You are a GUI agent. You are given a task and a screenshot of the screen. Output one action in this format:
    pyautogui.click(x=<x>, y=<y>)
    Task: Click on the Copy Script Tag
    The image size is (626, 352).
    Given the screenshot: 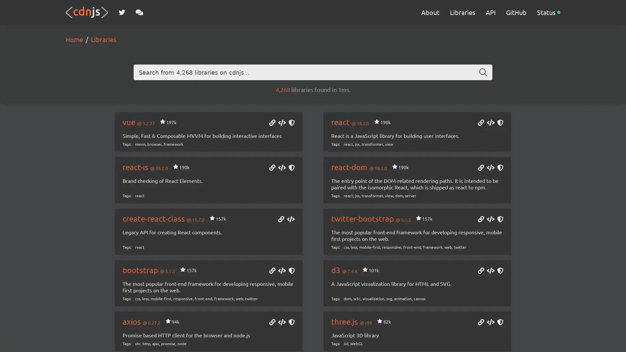 What is the action you would take?
    pyautogui.click(x=490, y=323)
    